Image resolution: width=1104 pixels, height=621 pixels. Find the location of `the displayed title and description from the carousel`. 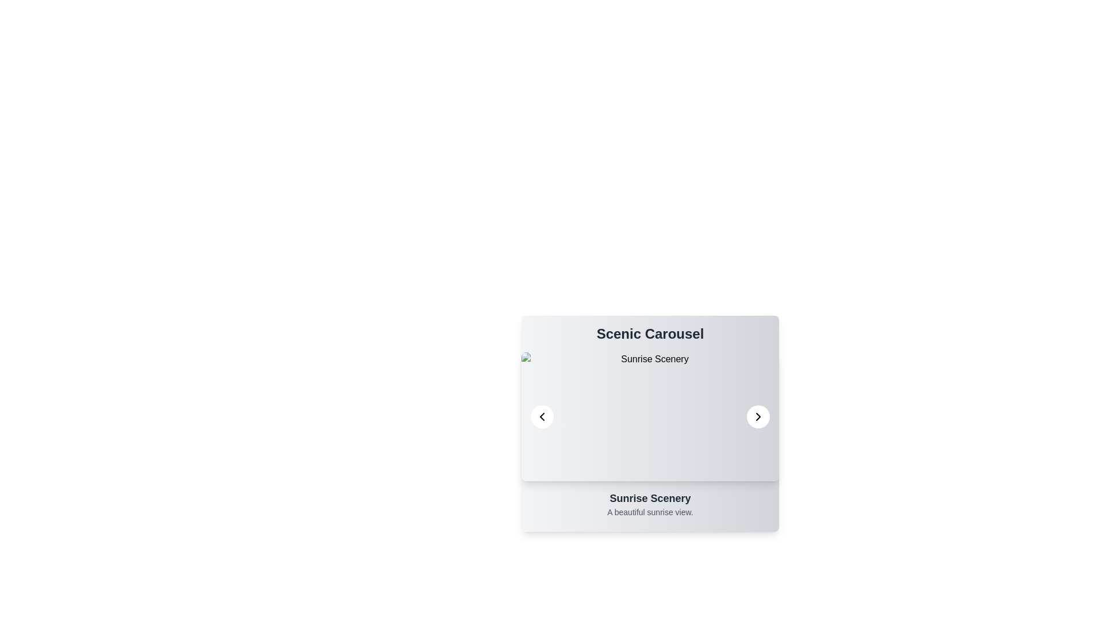

the displayed title and description from the carousel is located at coordinates (650, 334).